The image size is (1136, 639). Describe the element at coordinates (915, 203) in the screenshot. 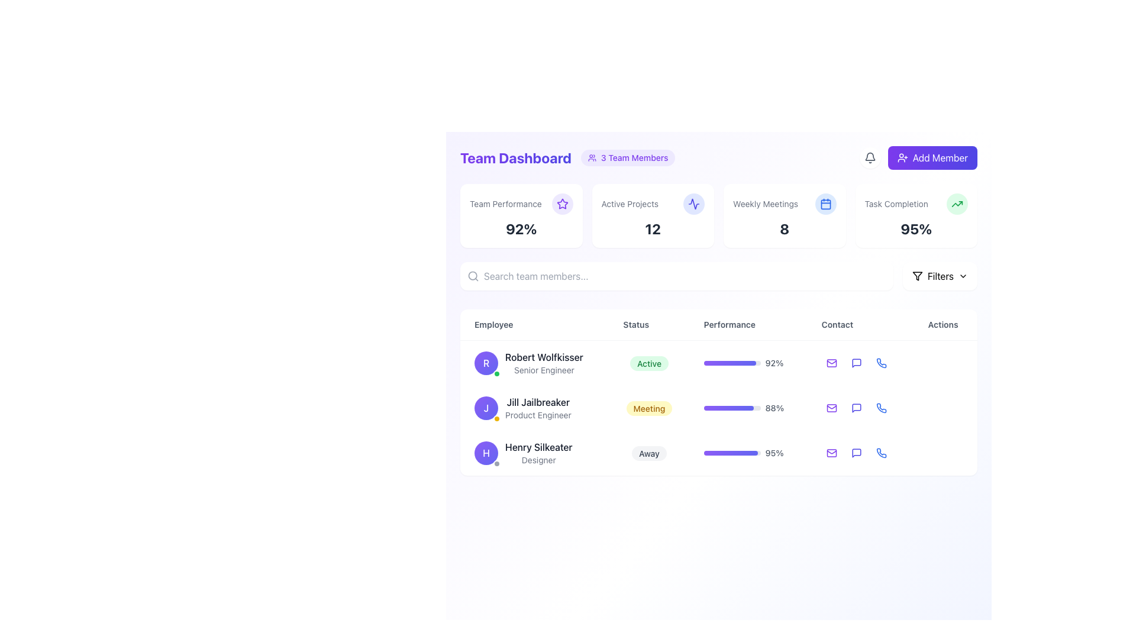

I see `the Text Label that indicates 'Task Completion' in the top-right corner of the dashboard interface` at that location.